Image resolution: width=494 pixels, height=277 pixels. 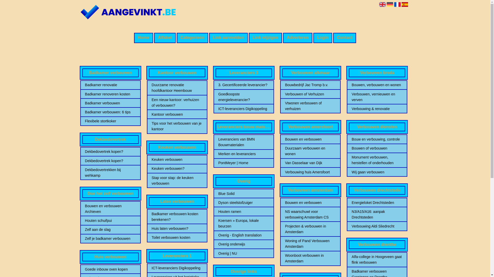 I want to click on 'Home', so click(x=143, y=37).